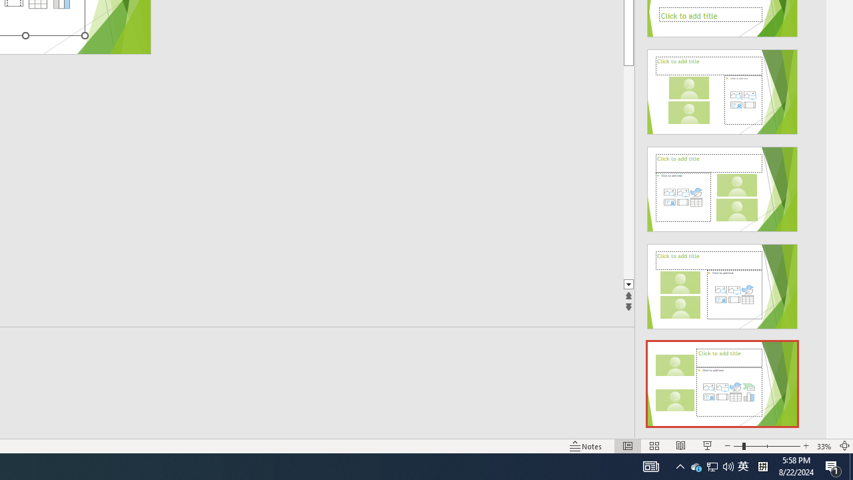 This screenshot has height=480, width=853. Describe the element at coordinates (824, 446) in the screenshot. I see `'Zoom 33%'` at that location.